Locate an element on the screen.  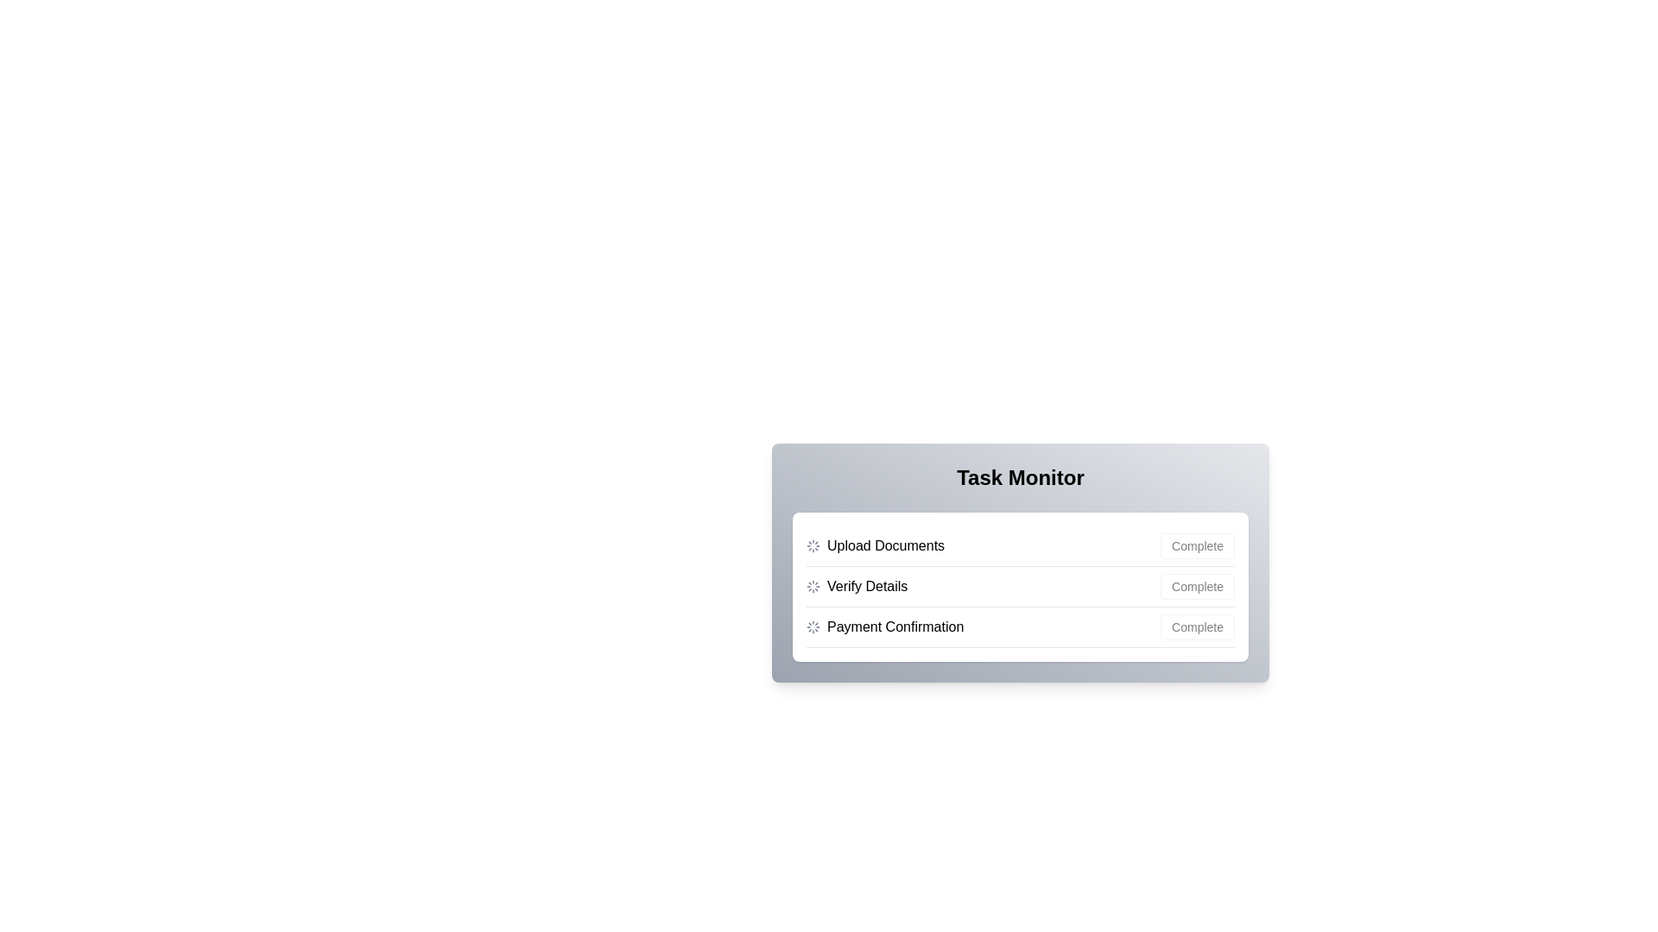
the first List Item with Interactive Button in the 'Task Monitor' panel is located at coordinates (1020, 545).